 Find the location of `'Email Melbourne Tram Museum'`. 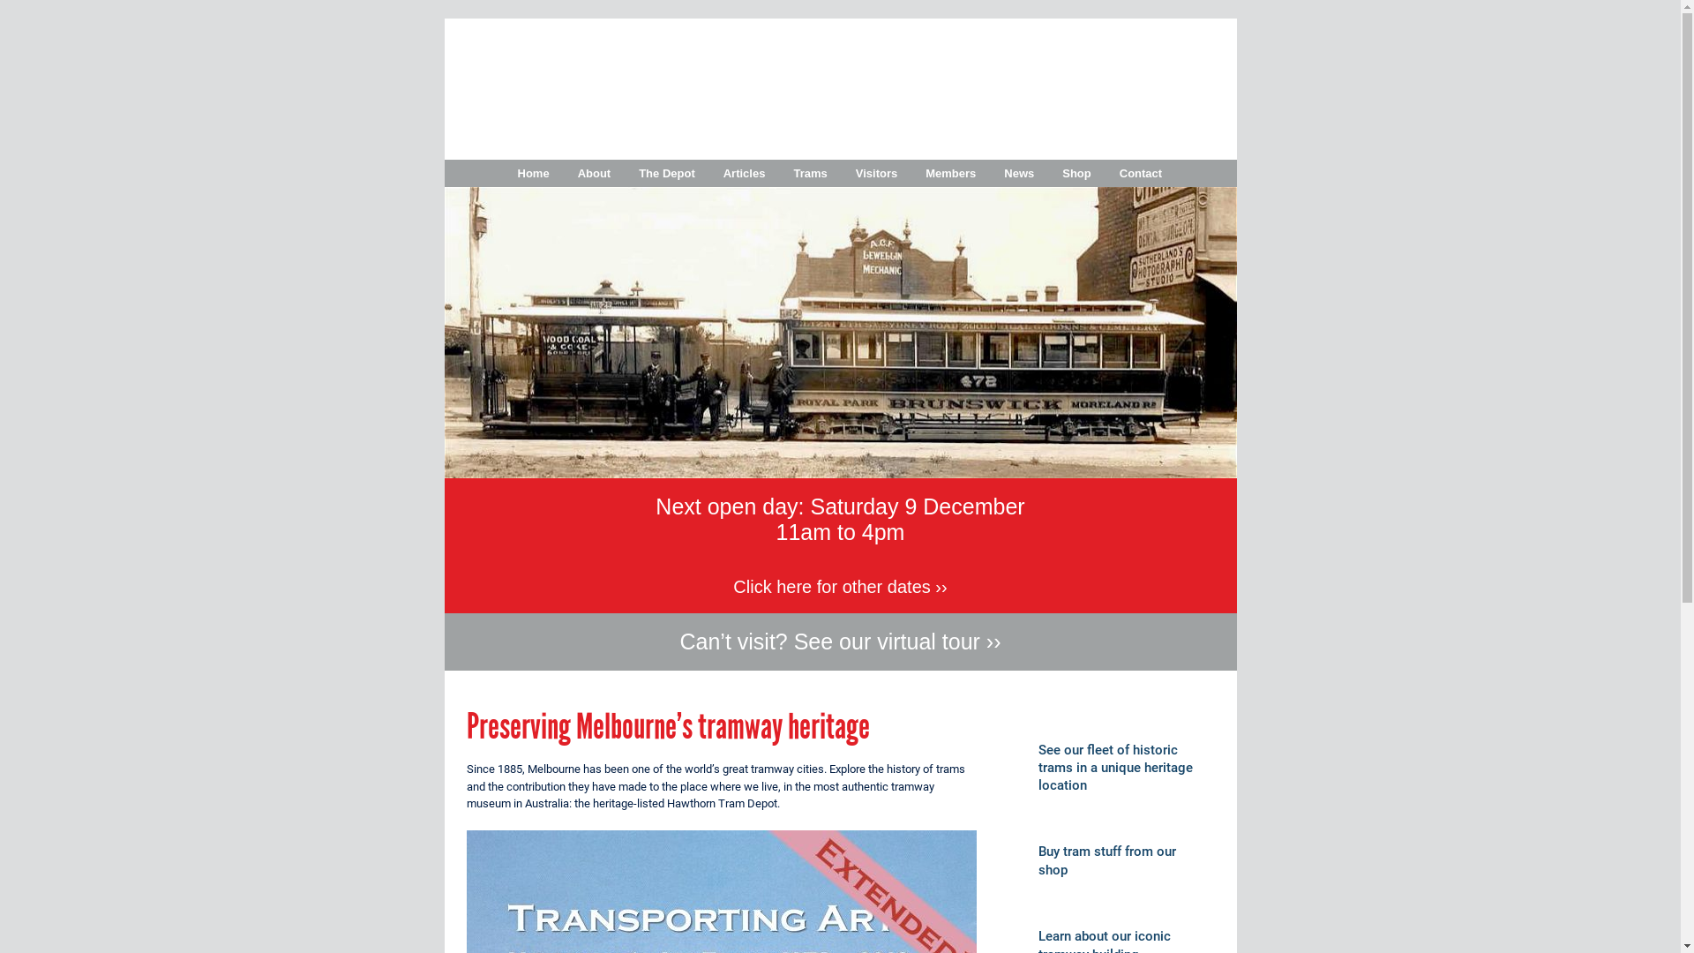

'Email Melbourne Tram Museum' is located at coordinates (1668, 259).